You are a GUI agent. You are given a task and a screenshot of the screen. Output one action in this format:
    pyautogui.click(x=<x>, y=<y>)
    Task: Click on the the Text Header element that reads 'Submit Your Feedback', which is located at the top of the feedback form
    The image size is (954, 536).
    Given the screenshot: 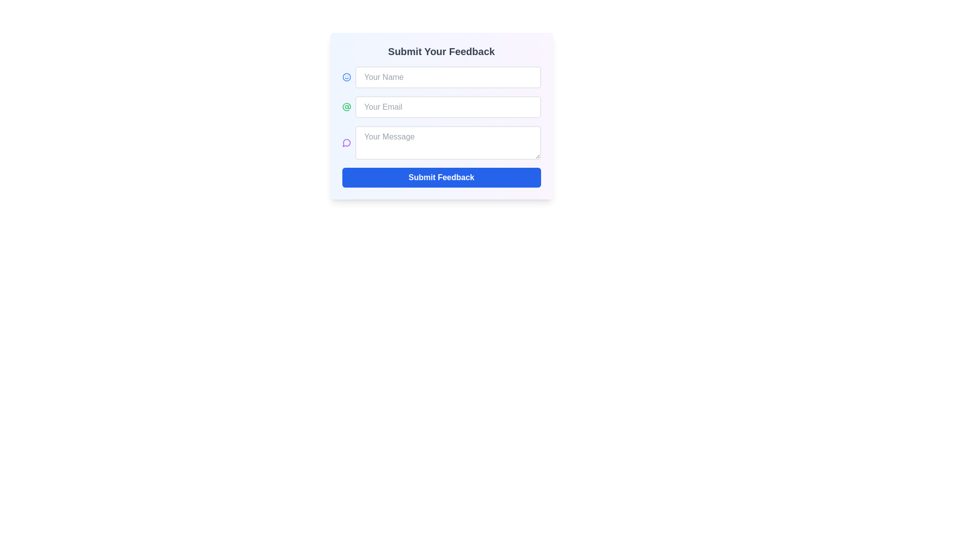 What is the action you would take?
    pyautogui.click(x=441, y=52)
    